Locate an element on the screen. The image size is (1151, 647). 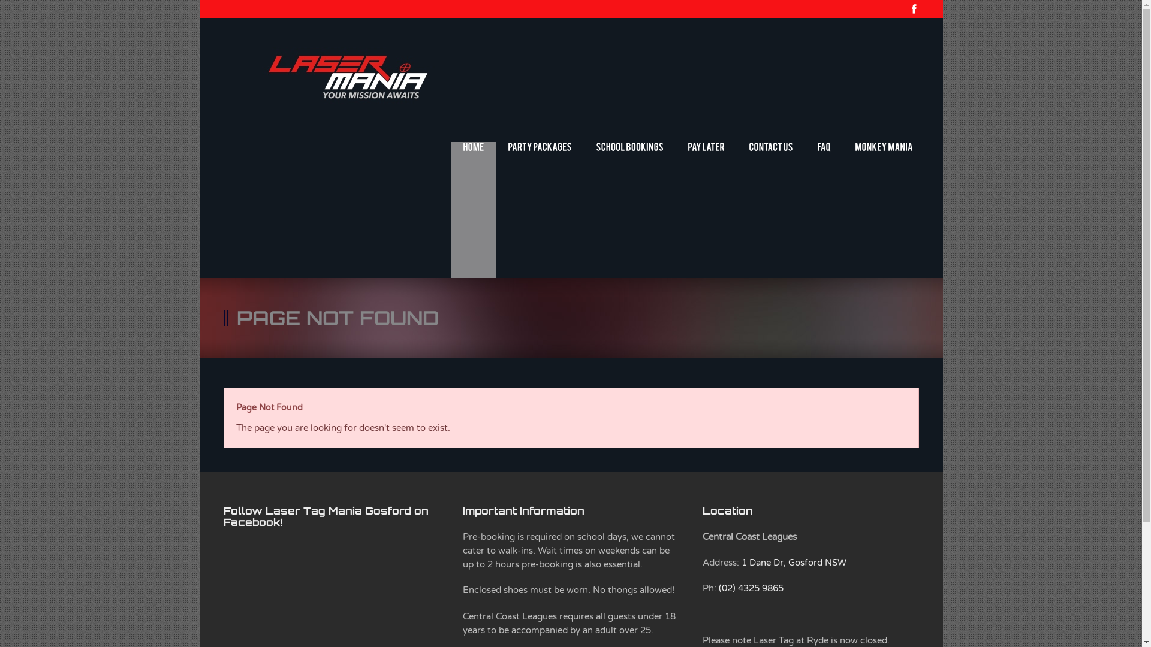
'1 Dane Dr, Gosford NSW' is located at coordinates (741, 562).